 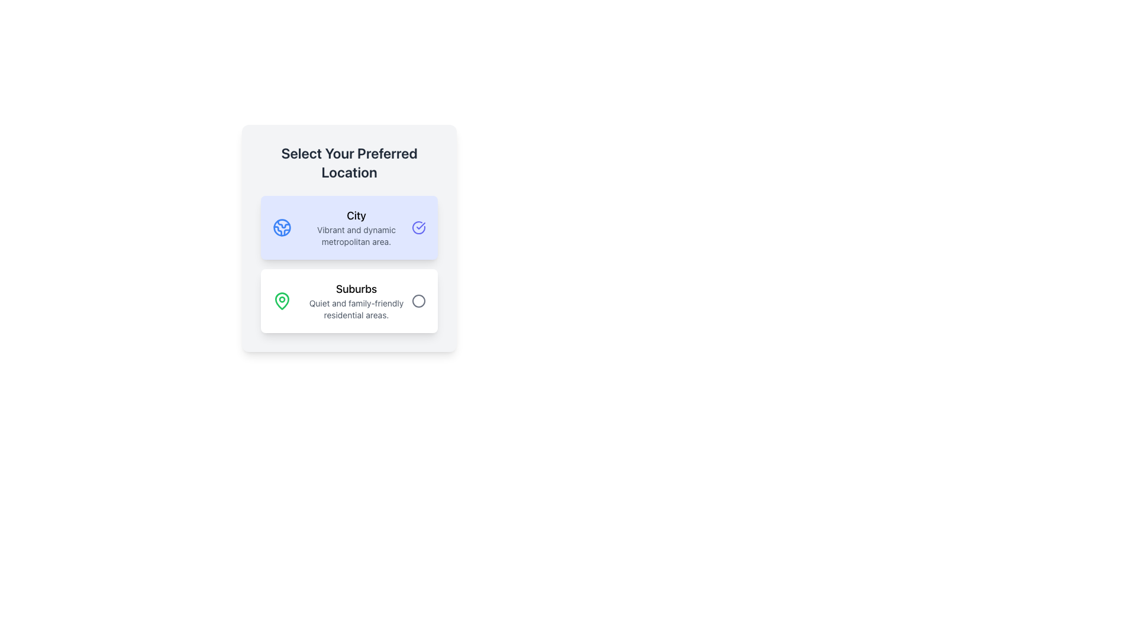 I want to click on the Text Display Component, which serves as a title or heading for user options, so click(x=348, y=162).